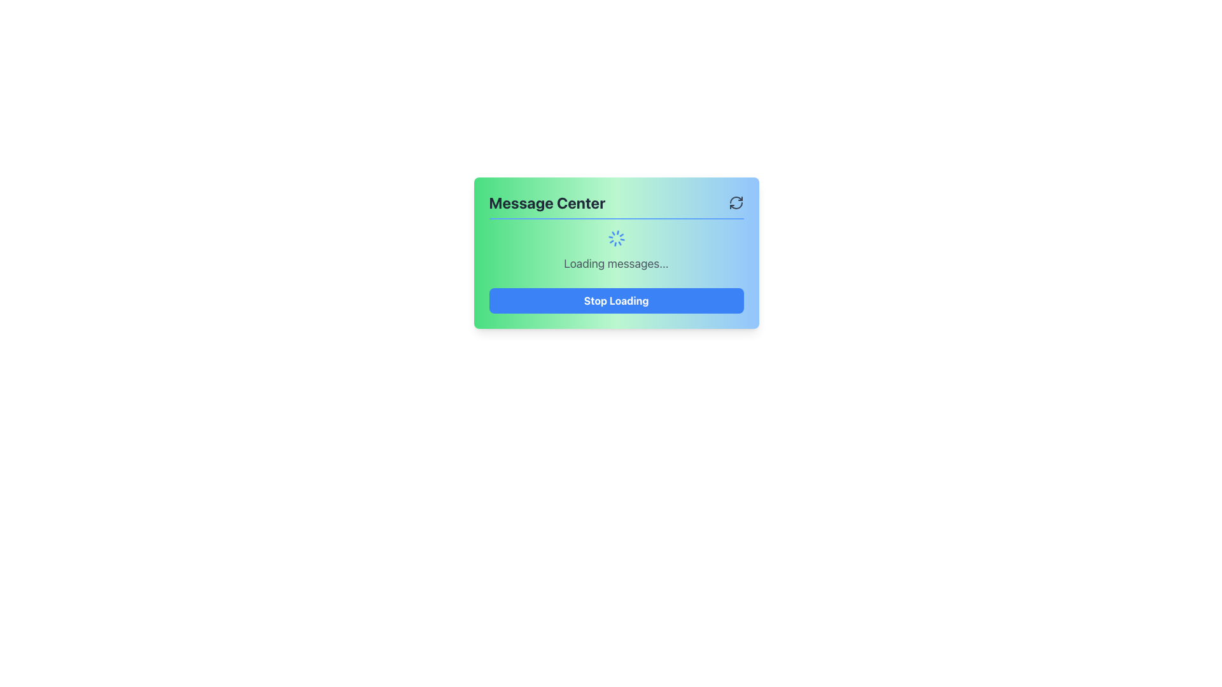 The height and width of the screenshot is (687, 1222). What do you see at coordinates (736, 202) in the screenshot?
I see `the refresh icon button located at the top-right corner of the 'Message Center' panel to refresh the displayed content` at bounding box center [736, 202].